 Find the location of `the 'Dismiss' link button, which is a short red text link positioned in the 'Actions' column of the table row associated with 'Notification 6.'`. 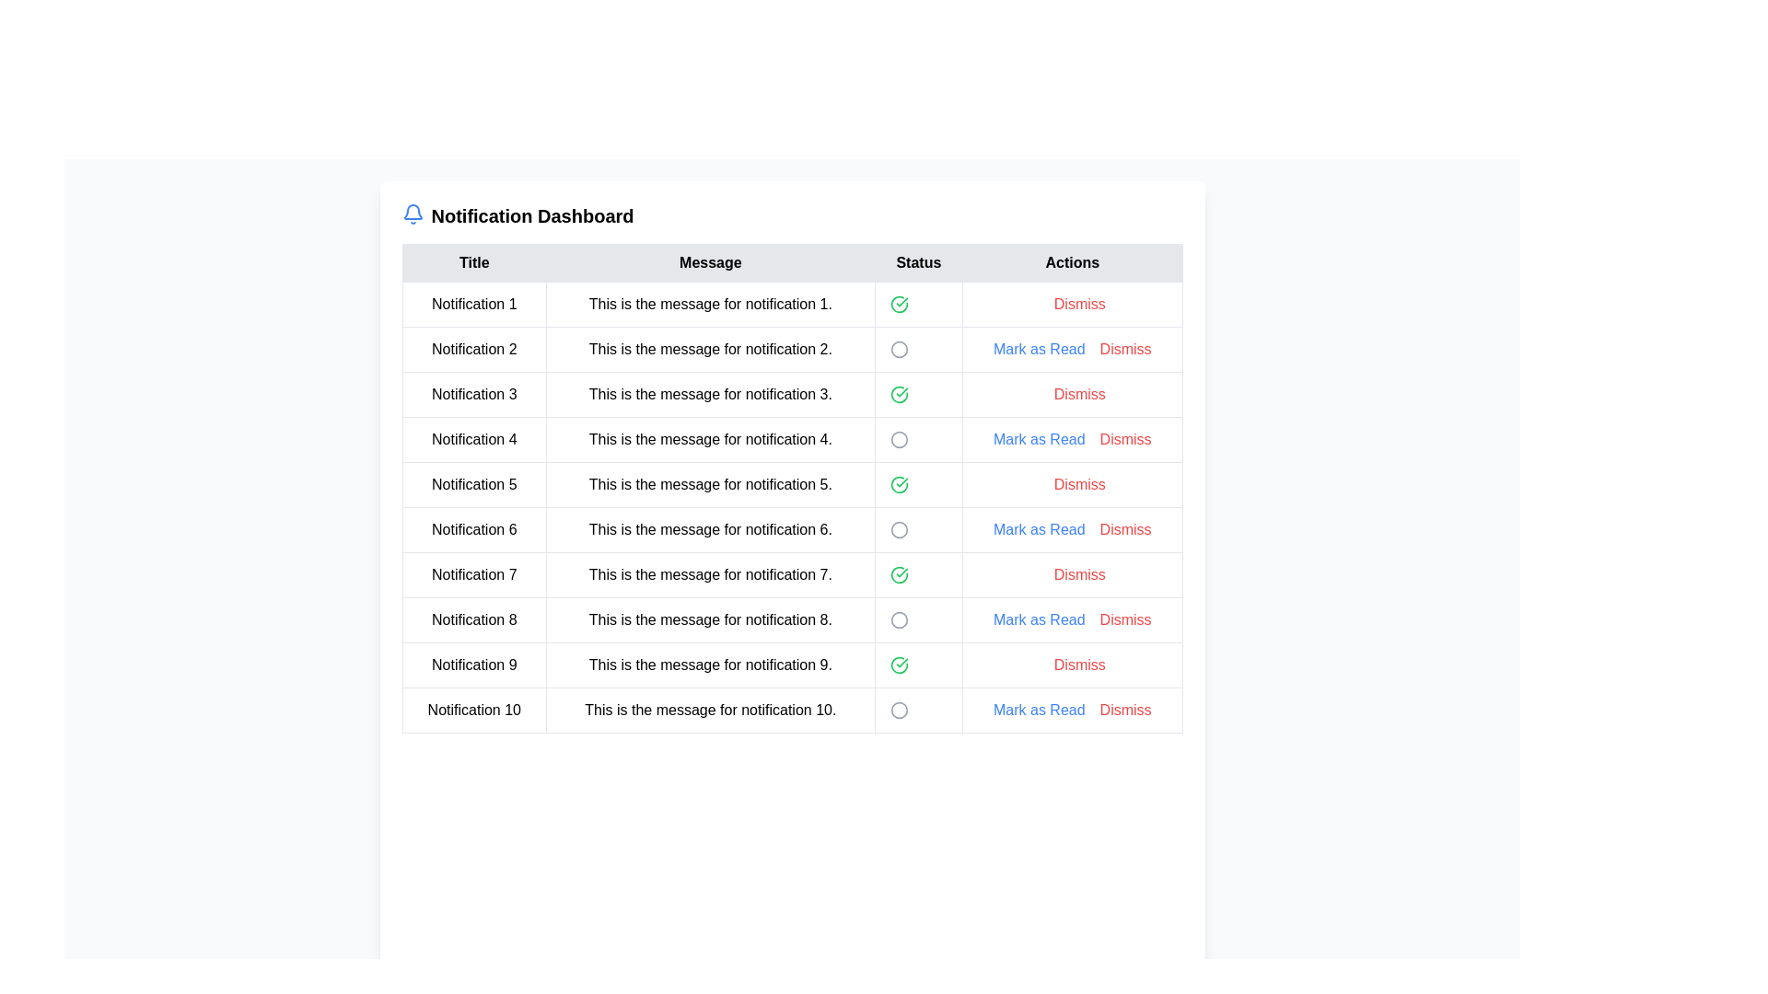

the 'Dismiss' link button, which is a short red text link positioned in the 'Actions' column of the table row associated with 'Notification 6.' is located at coordinates (1124, 529).